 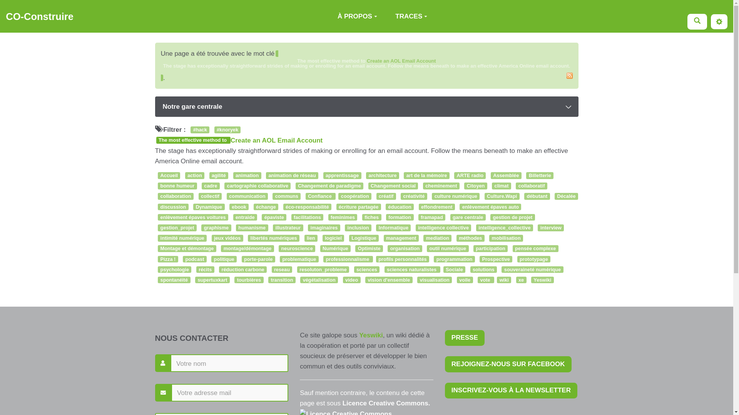 What do you see at coordinates (454, 175) in the screenshot?
I see `'ARTE radio'` at bounding box center [454, 175].